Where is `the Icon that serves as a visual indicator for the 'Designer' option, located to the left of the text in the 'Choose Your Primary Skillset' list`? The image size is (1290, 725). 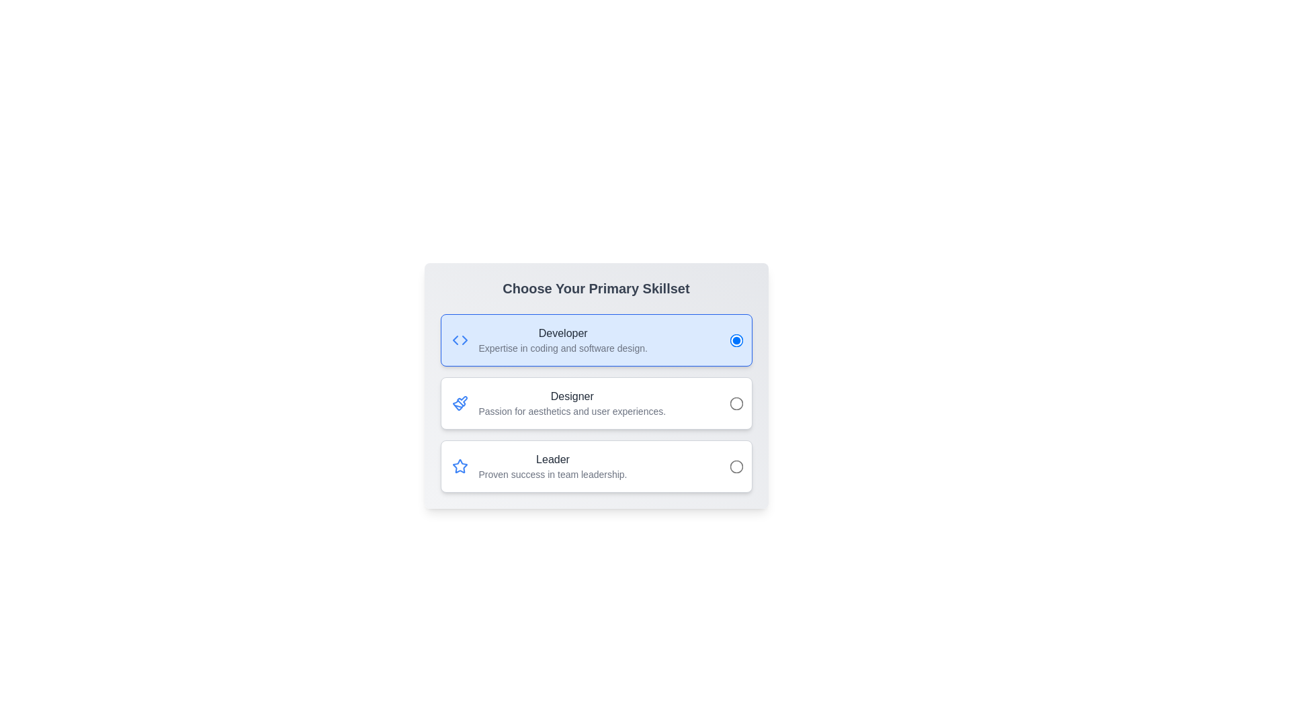
the Icon that serves as a visual indicator for the 'Designer' option, located to the left of the text in the 'Choose Your Primary Skillset' list is located at coordinates (460, 465).